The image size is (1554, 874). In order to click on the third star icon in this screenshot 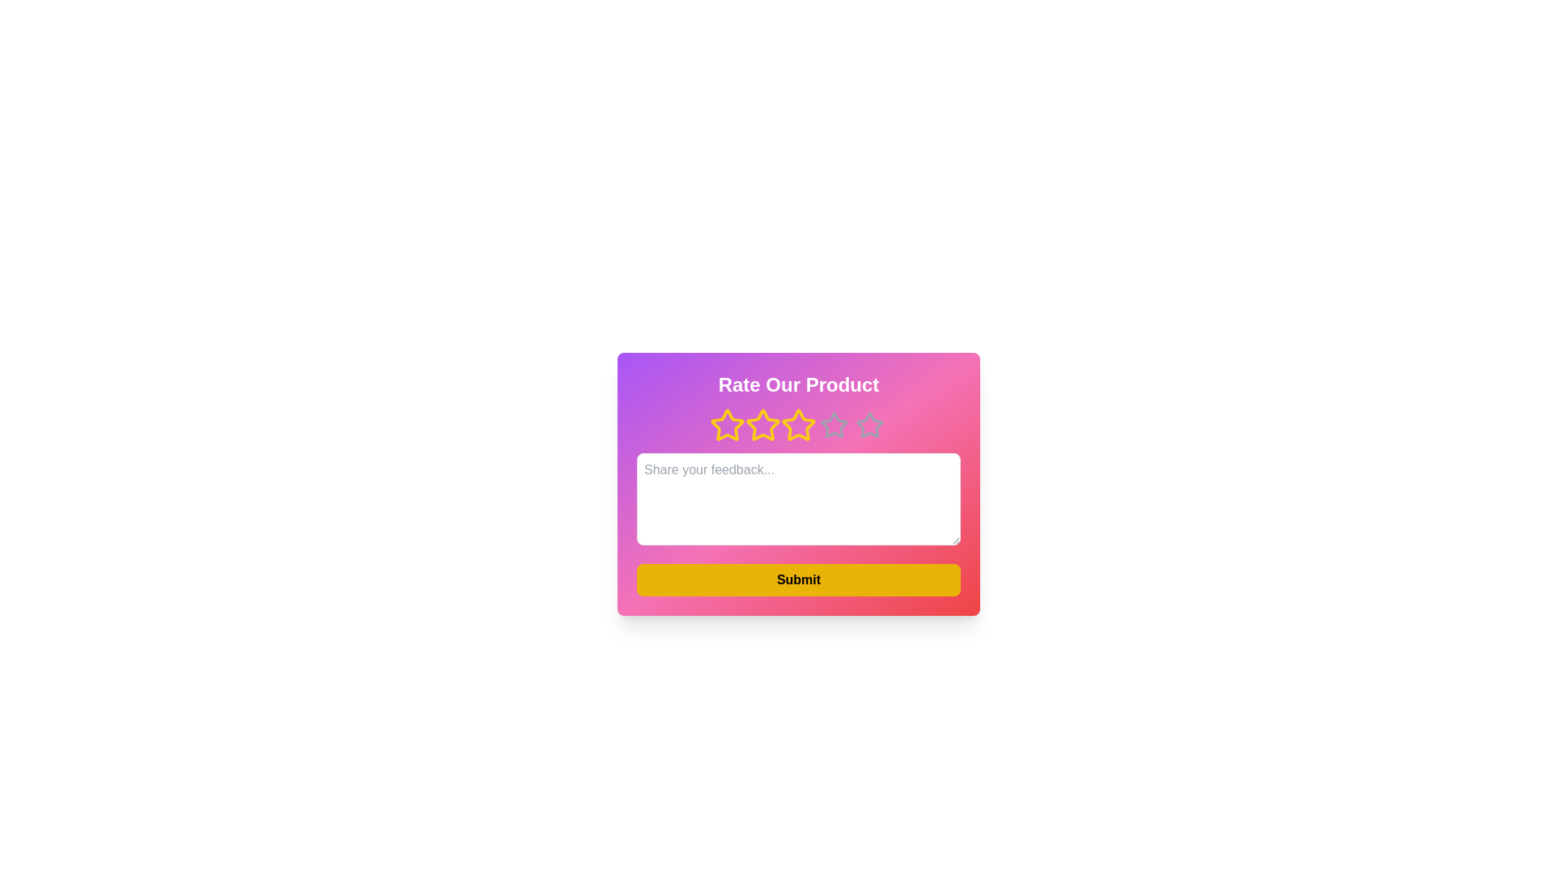, I will do `click(762, 424)`.